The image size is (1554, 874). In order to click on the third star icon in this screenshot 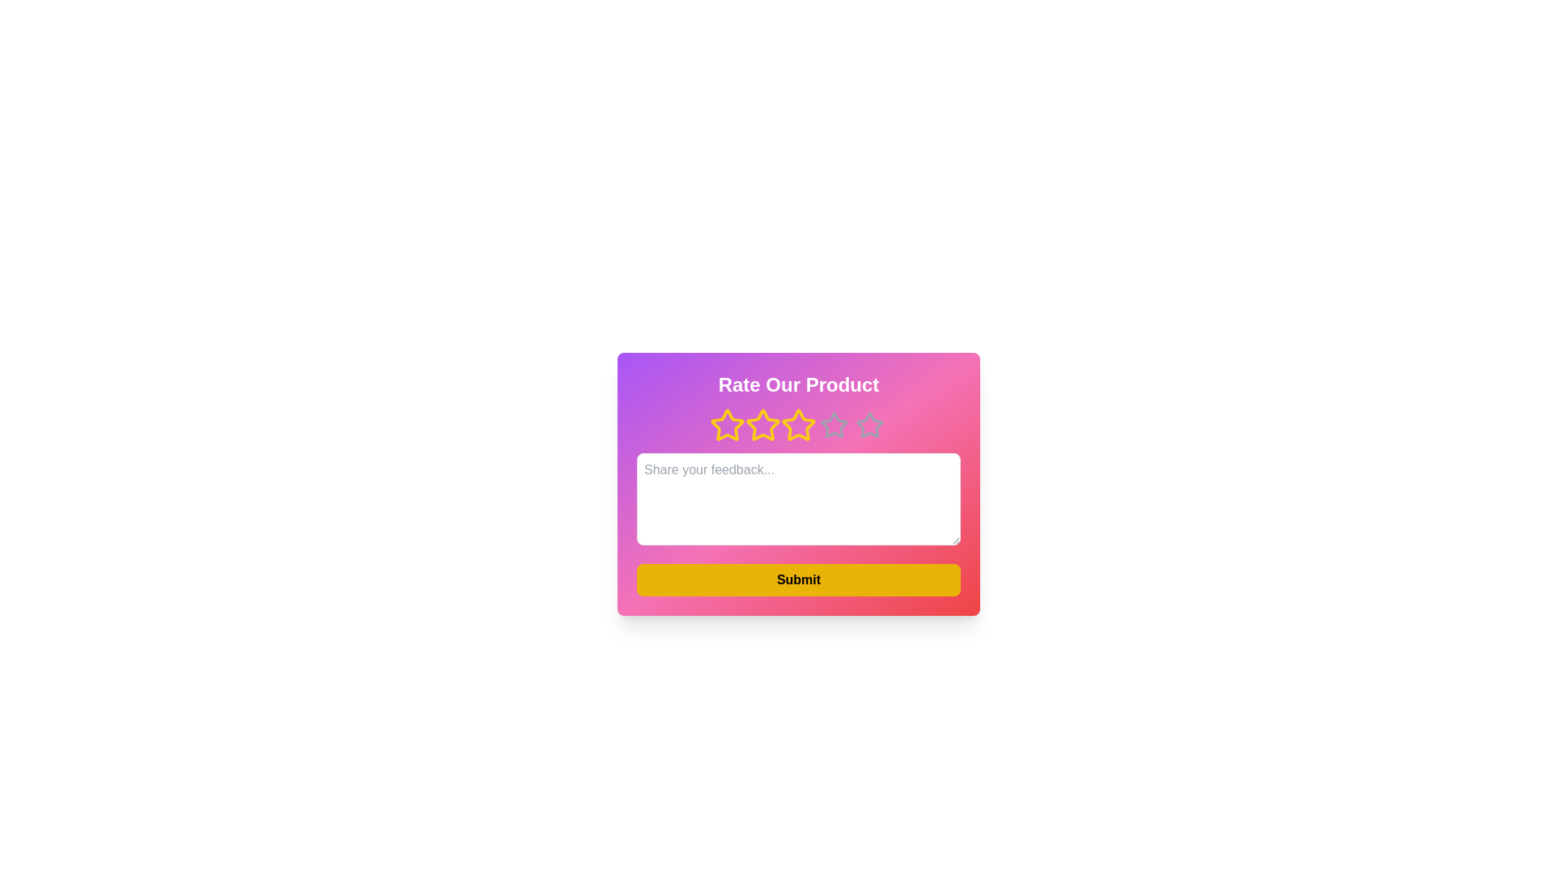, I will do `click(762, 424)`.